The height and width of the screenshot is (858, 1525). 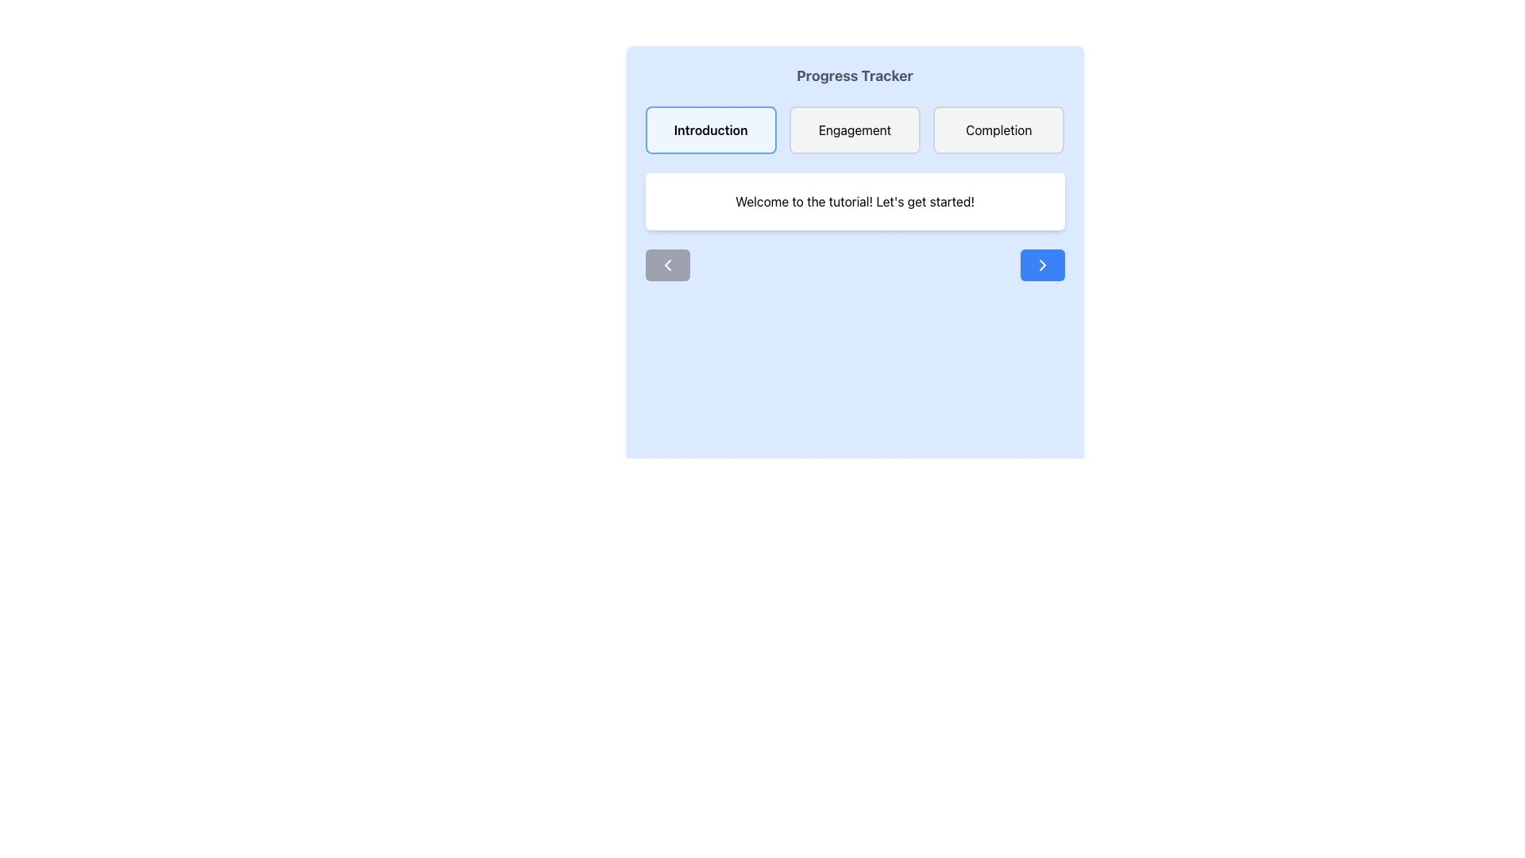 What do you see at coordinates (710, 129) in the screenshot?
I see `the 'Introduction' text label, which is styled in bold black font and highlighted with a light blue background and blue border, located in the 'Progress Tracker' section` at bounding box center [710, 129].